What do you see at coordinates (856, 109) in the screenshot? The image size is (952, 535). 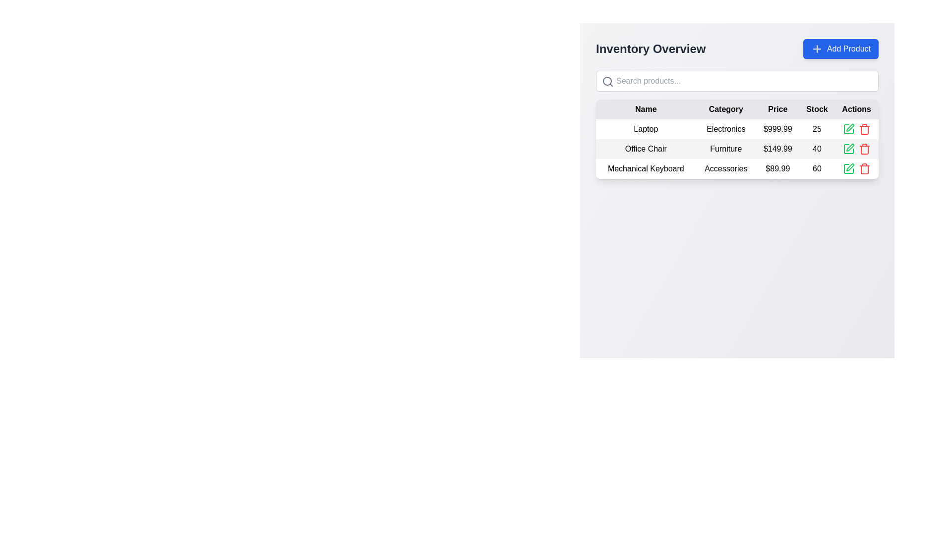 I see `the last header title in the table that contains action-related operations, located in the top-right section of the table` at bounding box center [856, 109].